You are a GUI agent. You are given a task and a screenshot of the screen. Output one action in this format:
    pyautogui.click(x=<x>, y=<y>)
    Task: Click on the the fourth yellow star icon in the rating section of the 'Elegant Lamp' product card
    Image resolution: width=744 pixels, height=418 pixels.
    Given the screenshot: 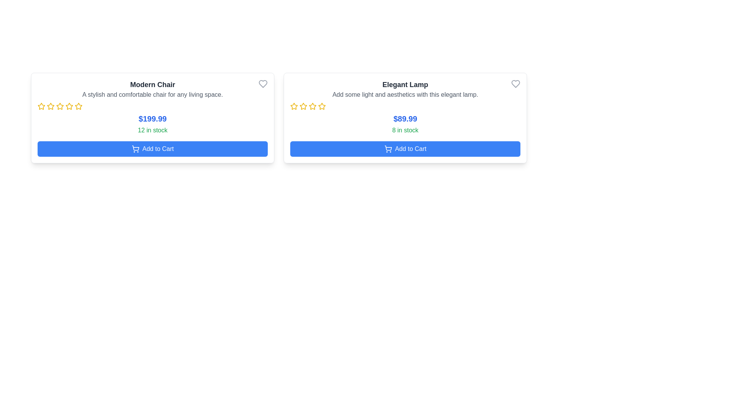 What is the action you would take?
    pyautogui.click(x=322, y=106)
    